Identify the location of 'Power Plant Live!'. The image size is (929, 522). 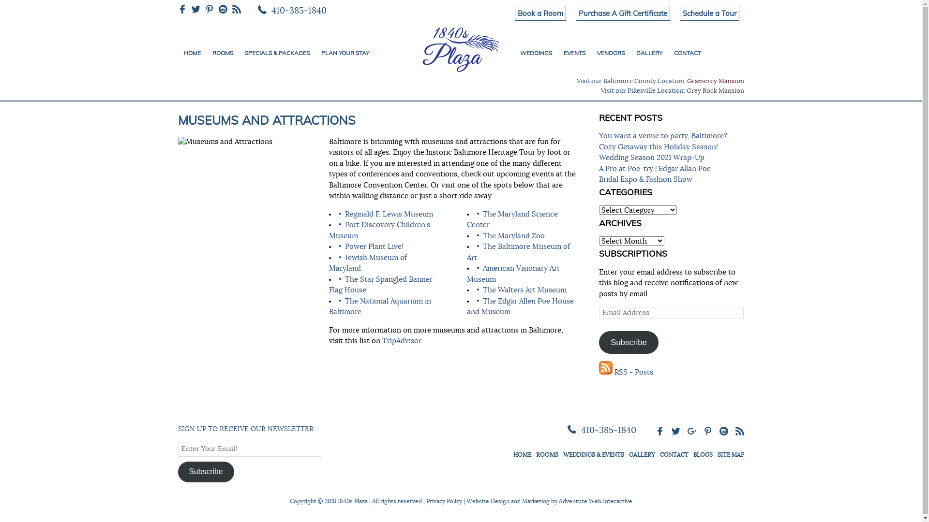
(374, 246).